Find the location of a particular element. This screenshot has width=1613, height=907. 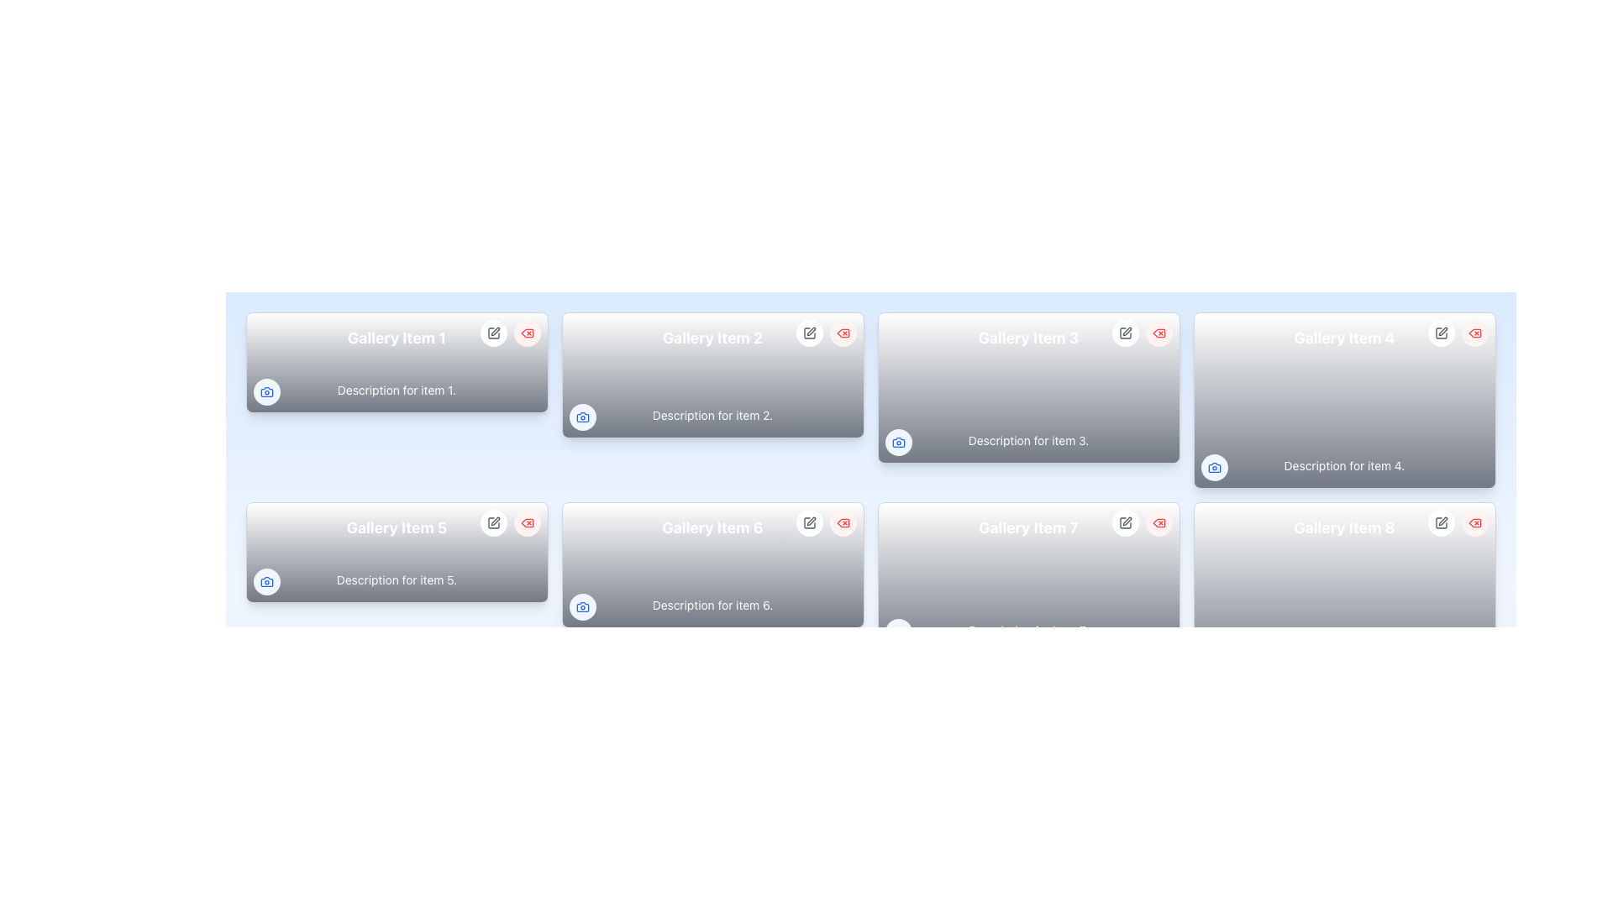

the edit icon resembling a pen within the button group located at the top right corner of the 'Gallery Item 3' card is located at coordinates (1127, 331).